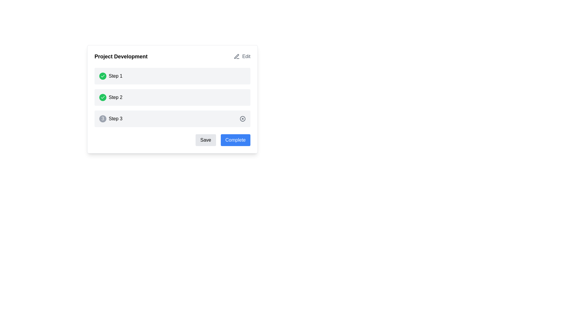  I want to click on the status indicator icon for Step 2, which is visually aligned to the left of the text 'Step 2' and located in the middle of a three-row structure, so click(103, 97).